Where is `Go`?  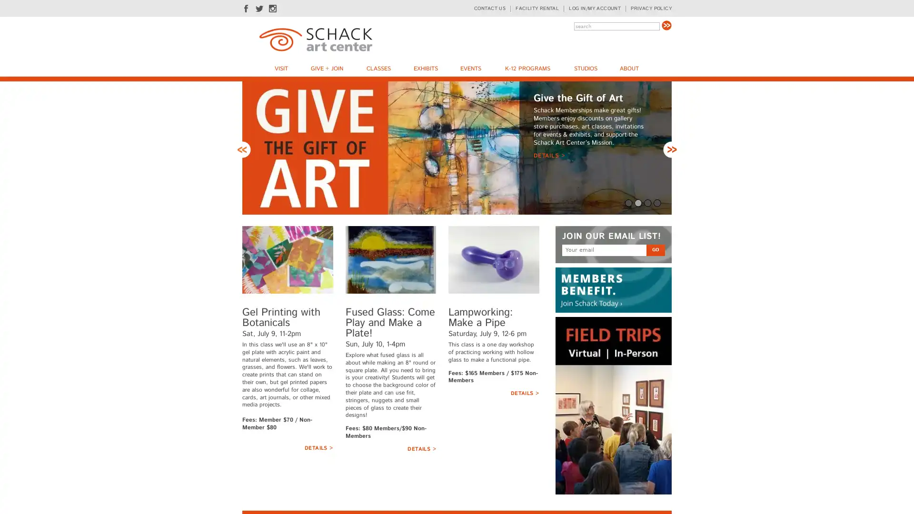 Go is located at coordinates (655, 318).